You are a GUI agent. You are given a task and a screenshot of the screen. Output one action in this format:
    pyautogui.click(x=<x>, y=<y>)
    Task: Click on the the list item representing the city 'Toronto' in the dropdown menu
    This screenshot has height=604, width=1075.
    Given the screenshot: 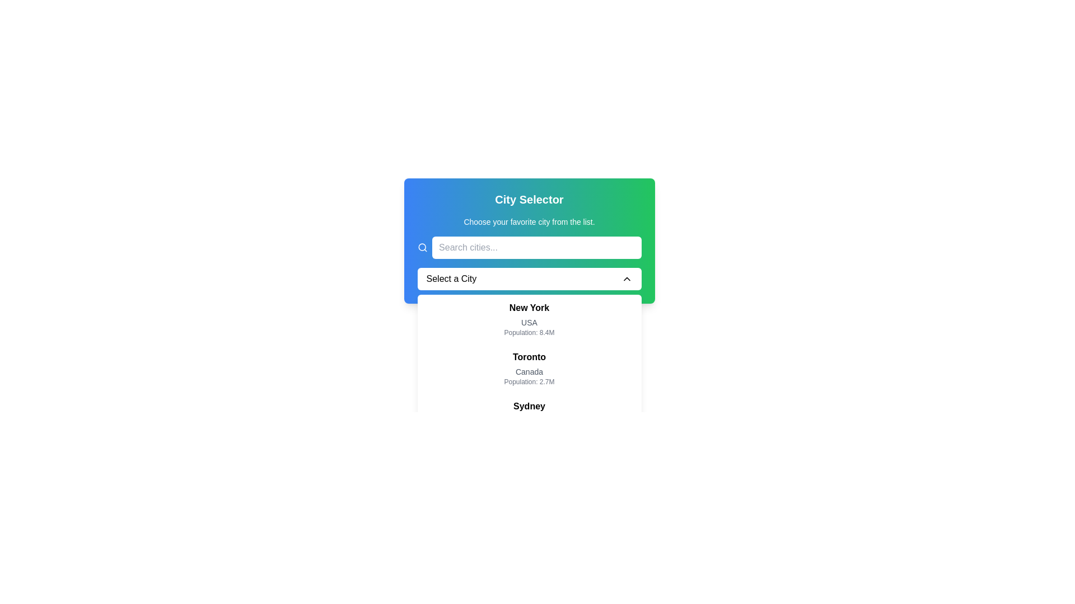 What is the action you would take?
    pyautogui.click(x=529, y=369)
    